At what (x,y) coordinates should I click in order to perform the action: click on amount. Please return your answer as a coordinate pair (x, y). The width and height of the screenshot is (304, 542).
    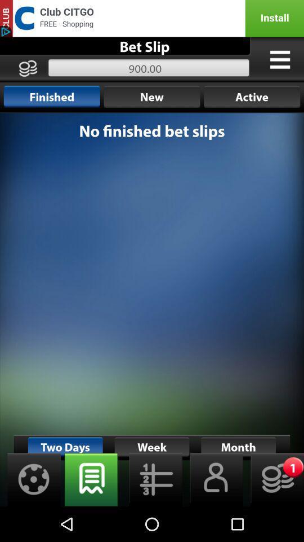
    Looking at the image, I should click on (273, 479).